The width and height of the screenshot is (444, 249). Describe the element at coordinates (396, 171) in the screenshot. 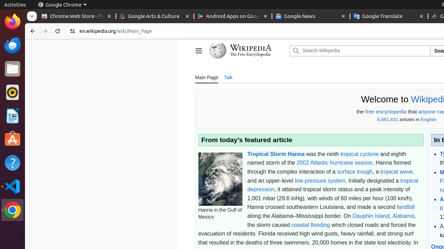

I see `'tropical wave'` at that location.